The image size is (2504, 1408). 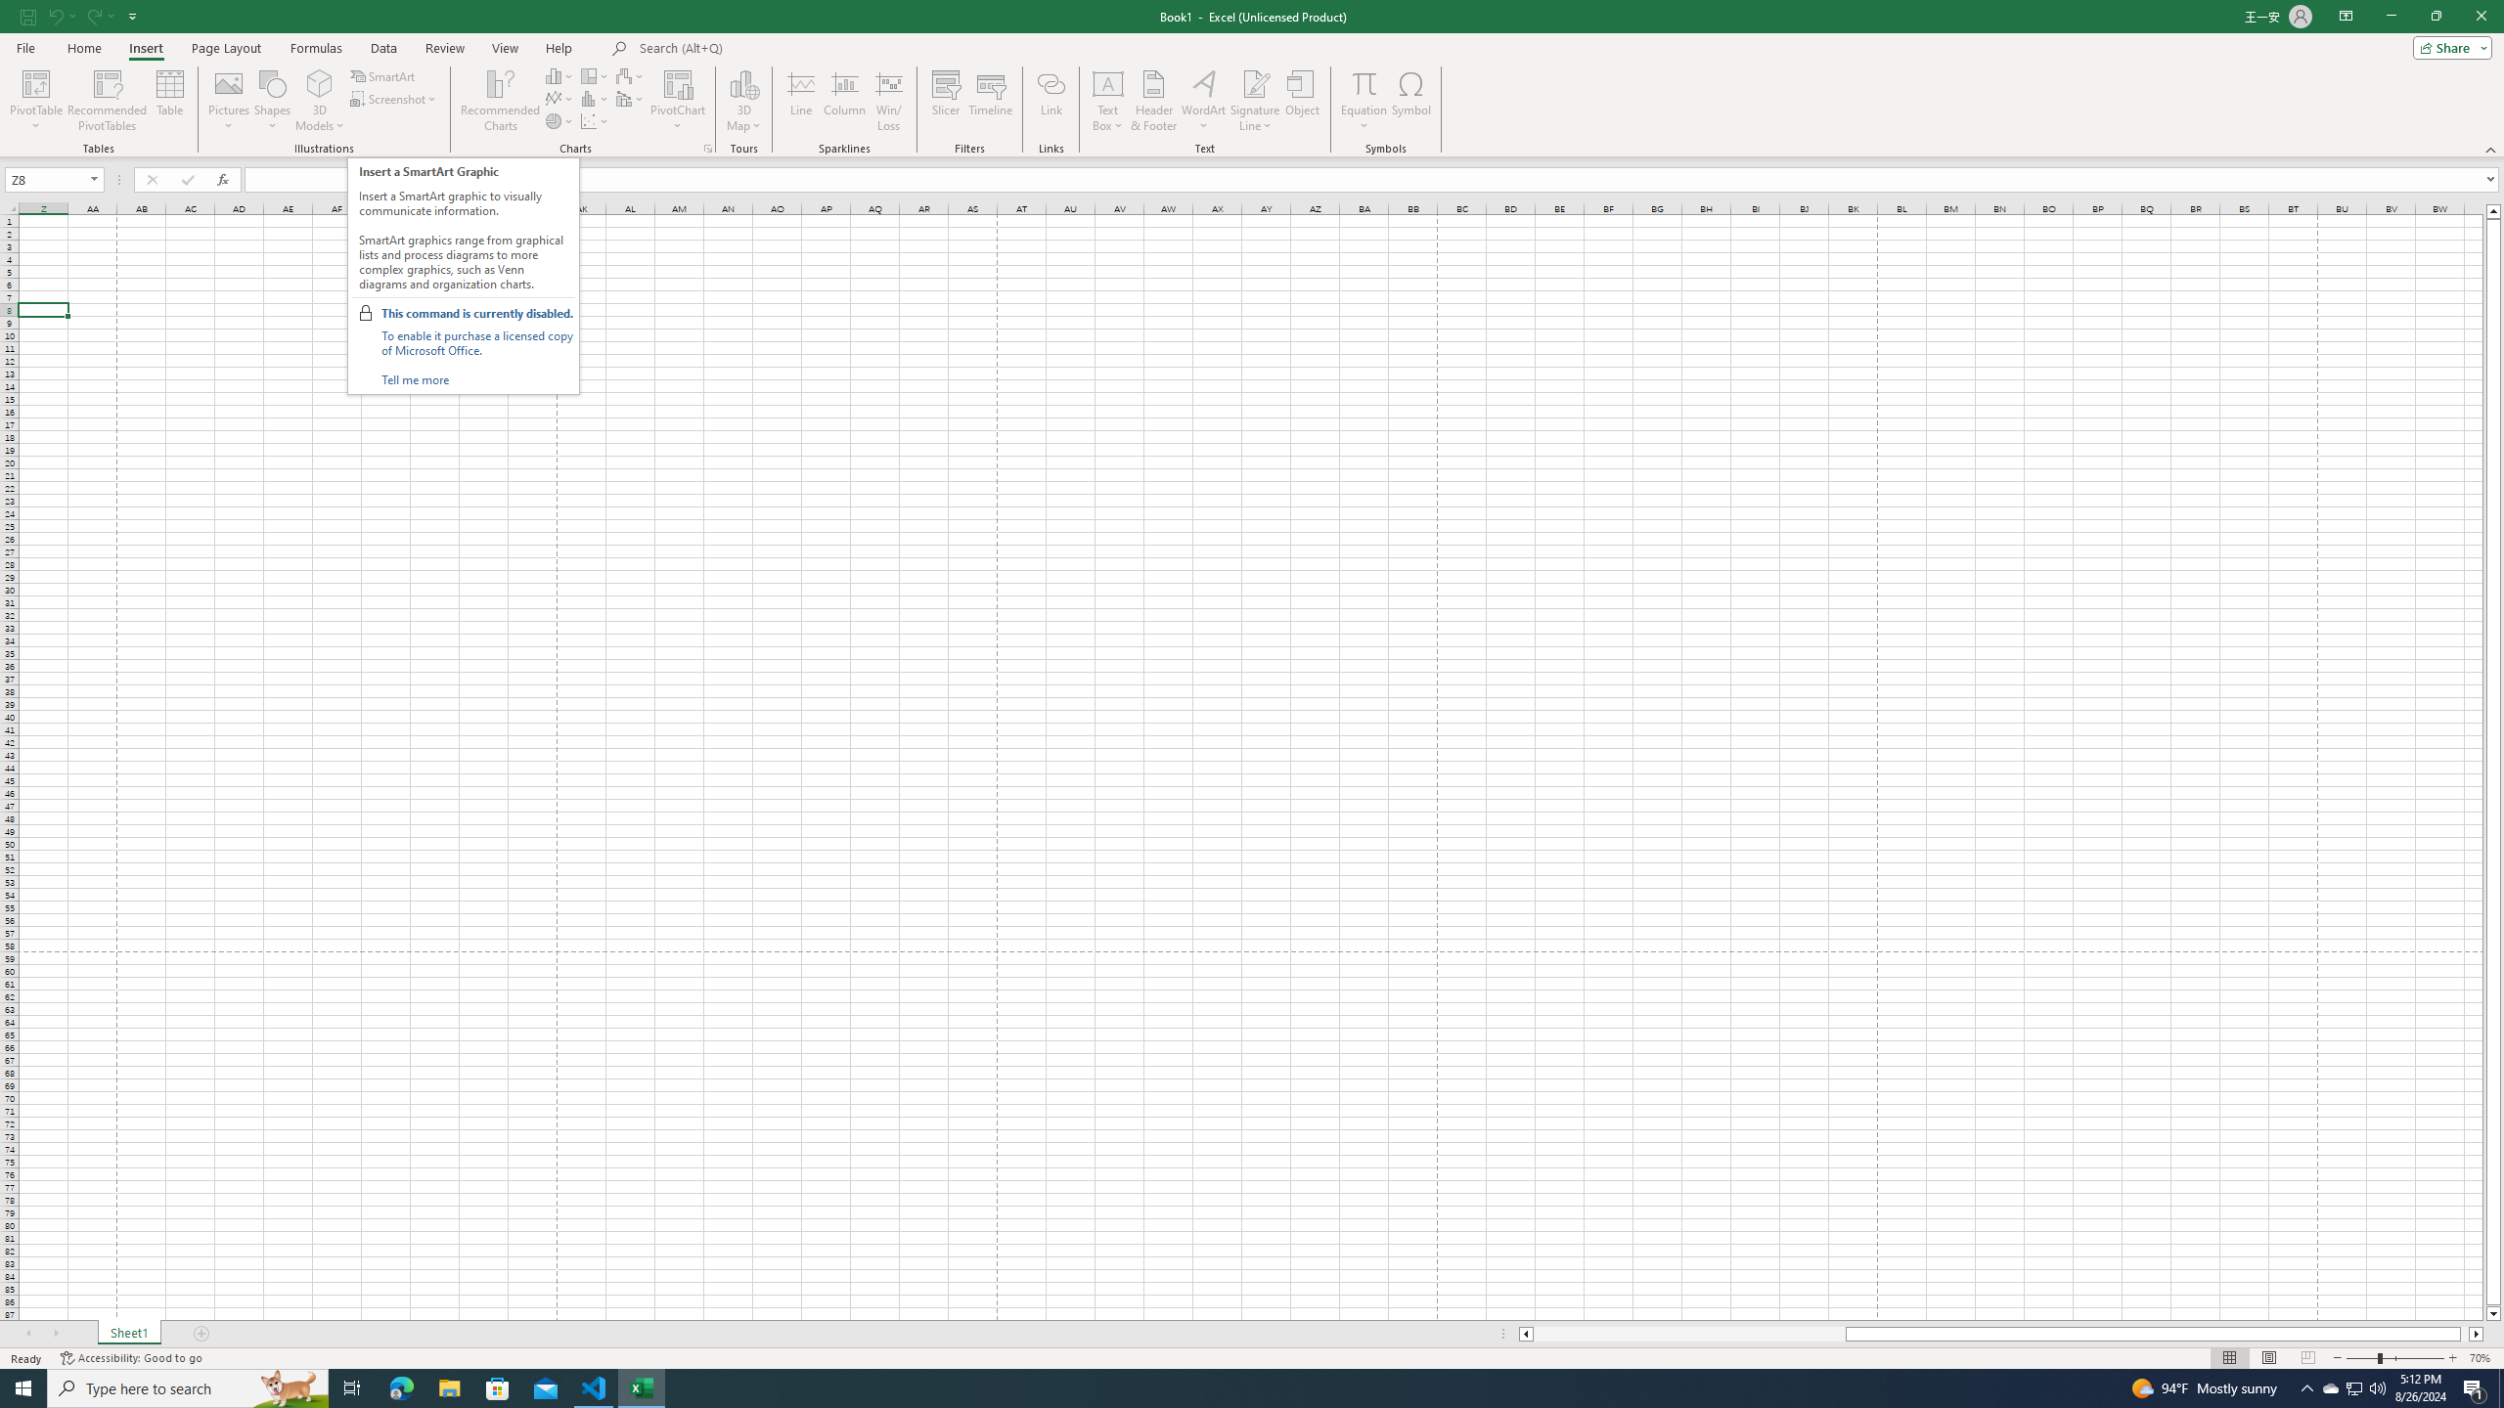 I want to click on 'PivotTable', so click(x=35, y=101).